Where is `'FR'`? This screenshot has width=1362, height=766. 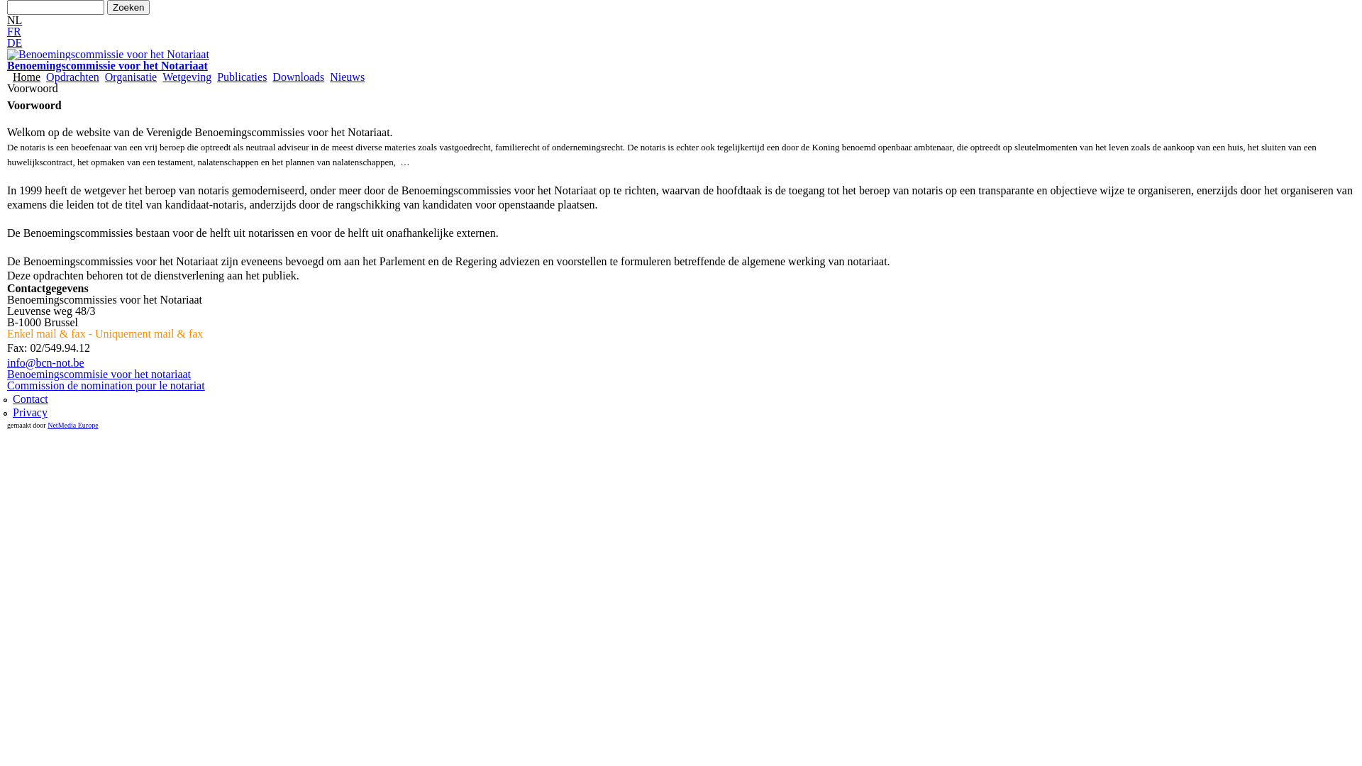
'FR' is located at coordinates (13, 31).